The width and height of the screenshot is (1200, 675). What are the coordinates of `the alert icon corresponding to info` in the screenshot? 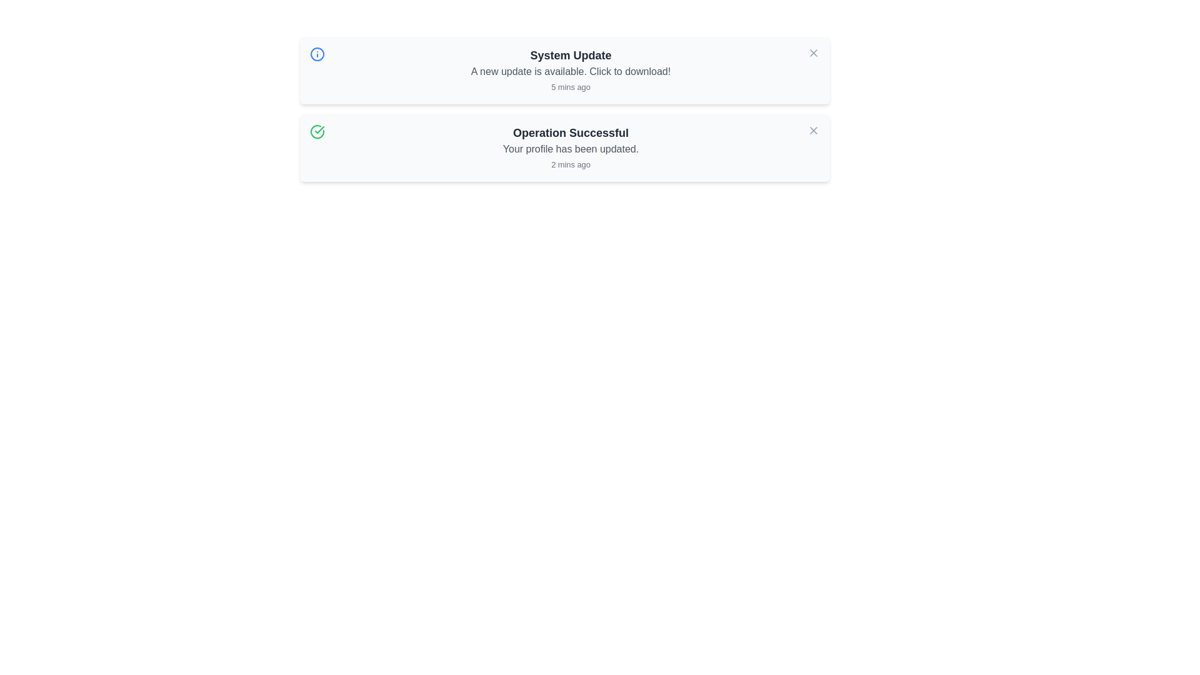 It's located at (317, 54).